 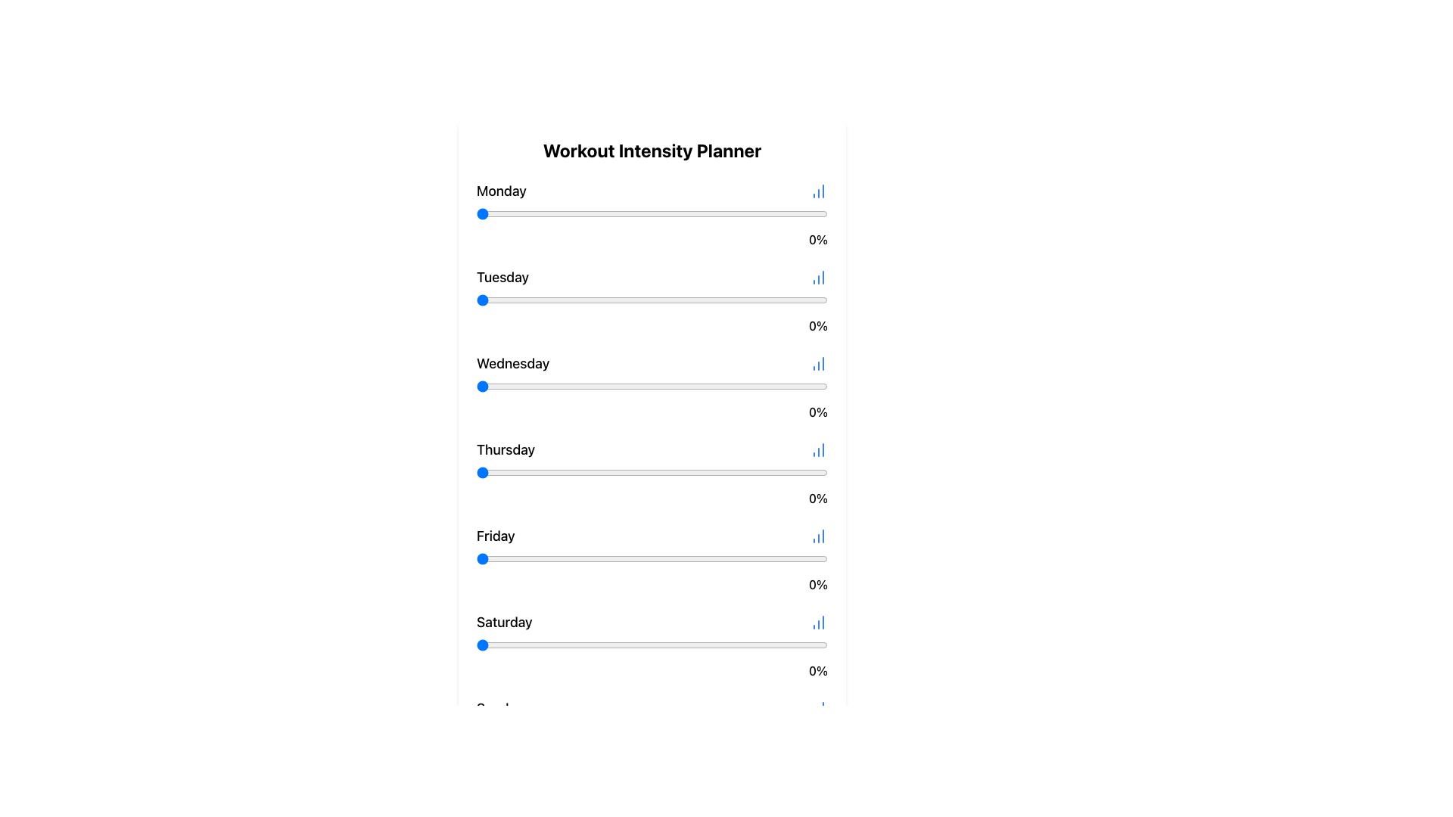 What do you see at coordinates (553, 471) in the screenshot?
I see `the Thursday intensity` at bounding box center [553, 471].